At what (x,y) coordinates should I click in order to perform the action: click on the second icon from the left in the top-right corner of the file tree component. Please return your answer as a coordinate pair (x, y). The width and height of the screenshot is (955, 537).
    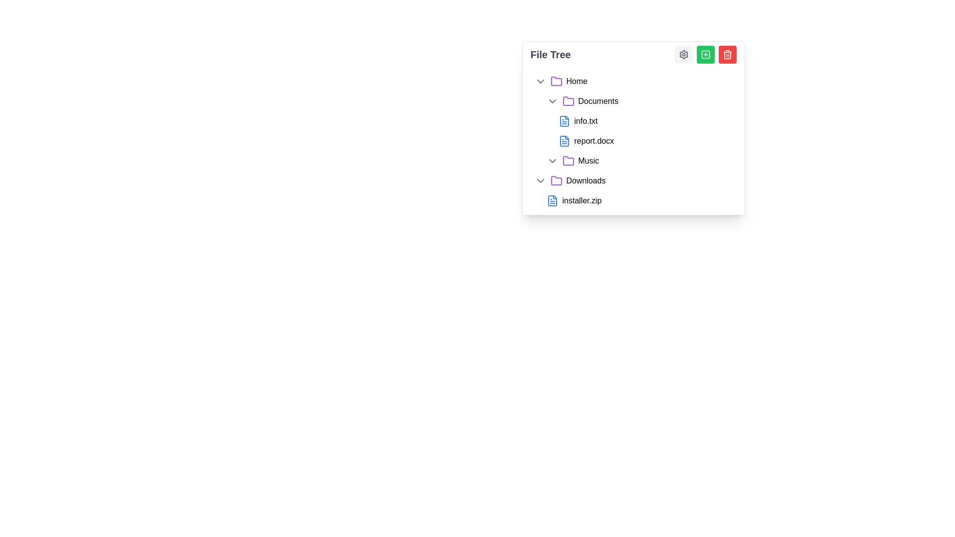
    Looking at the image, I should click on (705, 55).